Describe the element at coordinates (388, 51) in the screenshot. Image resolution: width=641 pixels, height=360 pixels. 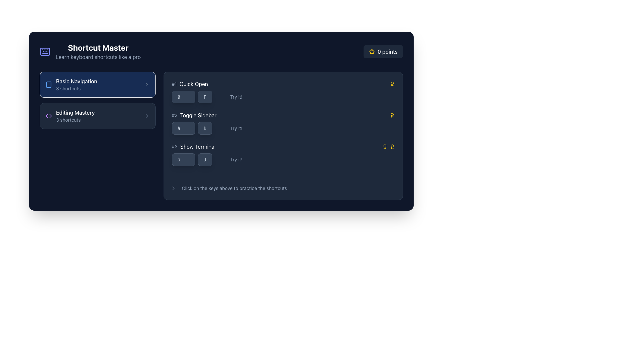
I see `the text label displaying '0 points' which is positioned in the top-right corner of a dark-colored card-like section, to the immediate right of a yellow star icon` at that location.